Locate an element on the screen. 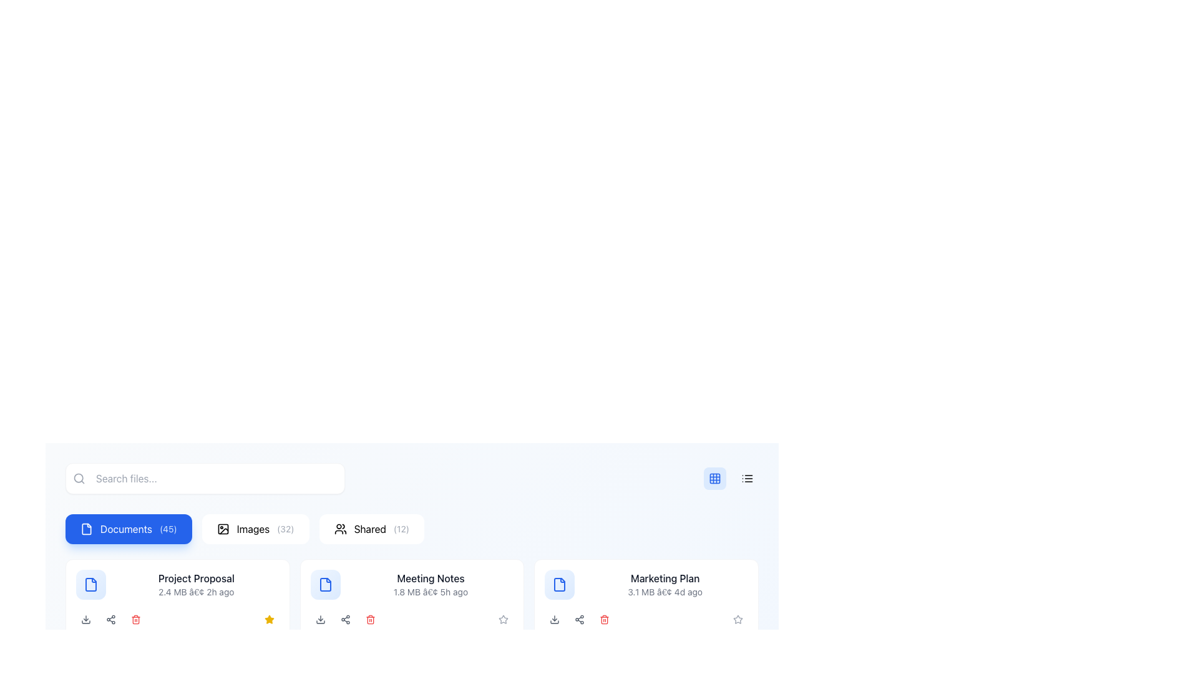 The height and width of the screenshot is (674, 1198). the document icon associated with the 'Project Proposal' in the 'Documents' section, which is the leftmost icon in its card is located at coordinates (325, 585).